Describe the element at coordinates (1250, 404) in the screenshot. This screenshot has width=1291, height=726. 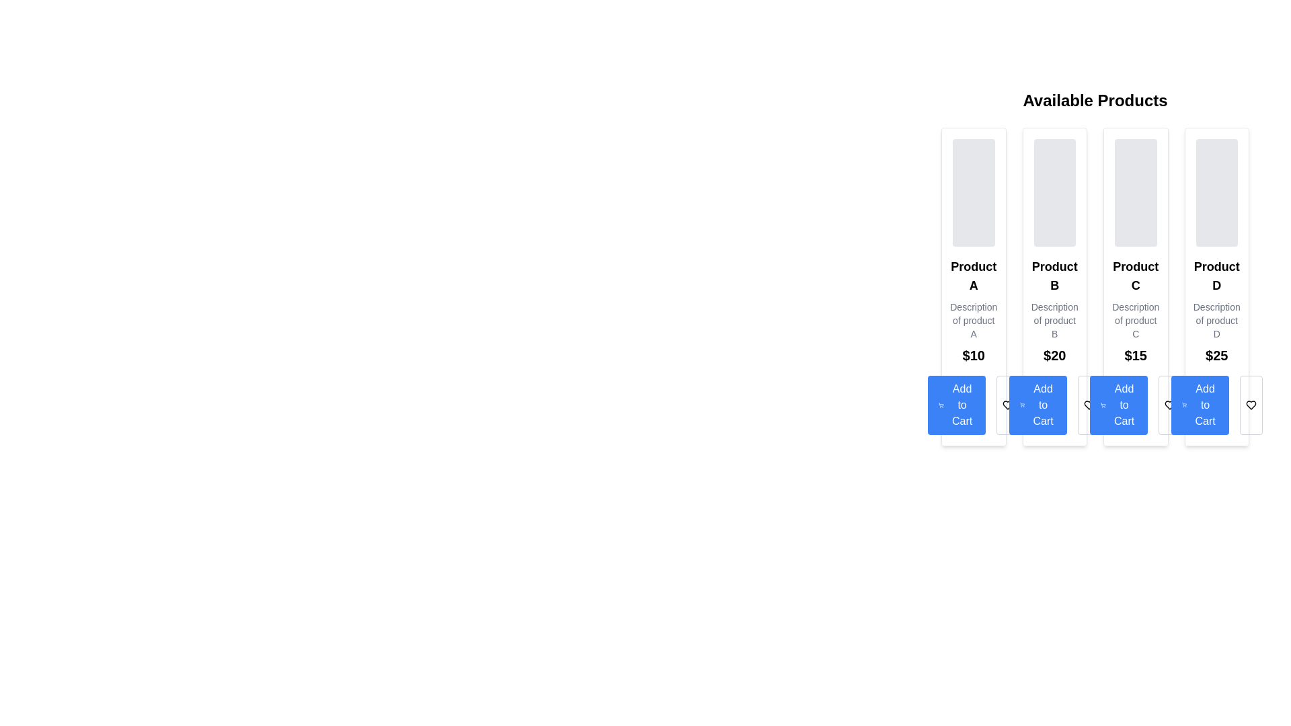
I see `the rounded rectangle button with a thin border and outlined heart icon located to the far right of the controls beneath 'Product D' to mark the product as favorite` at that location.